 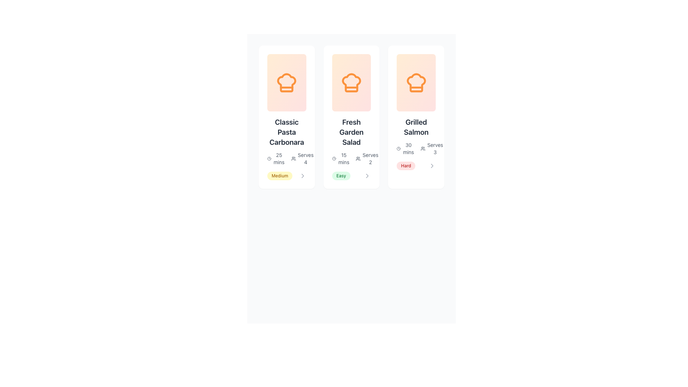 I want to click on the Text Label providing preparation time for the 'Grilled Salmon' recipe, which is located next to a clock icon, so click(x=408, y=148).